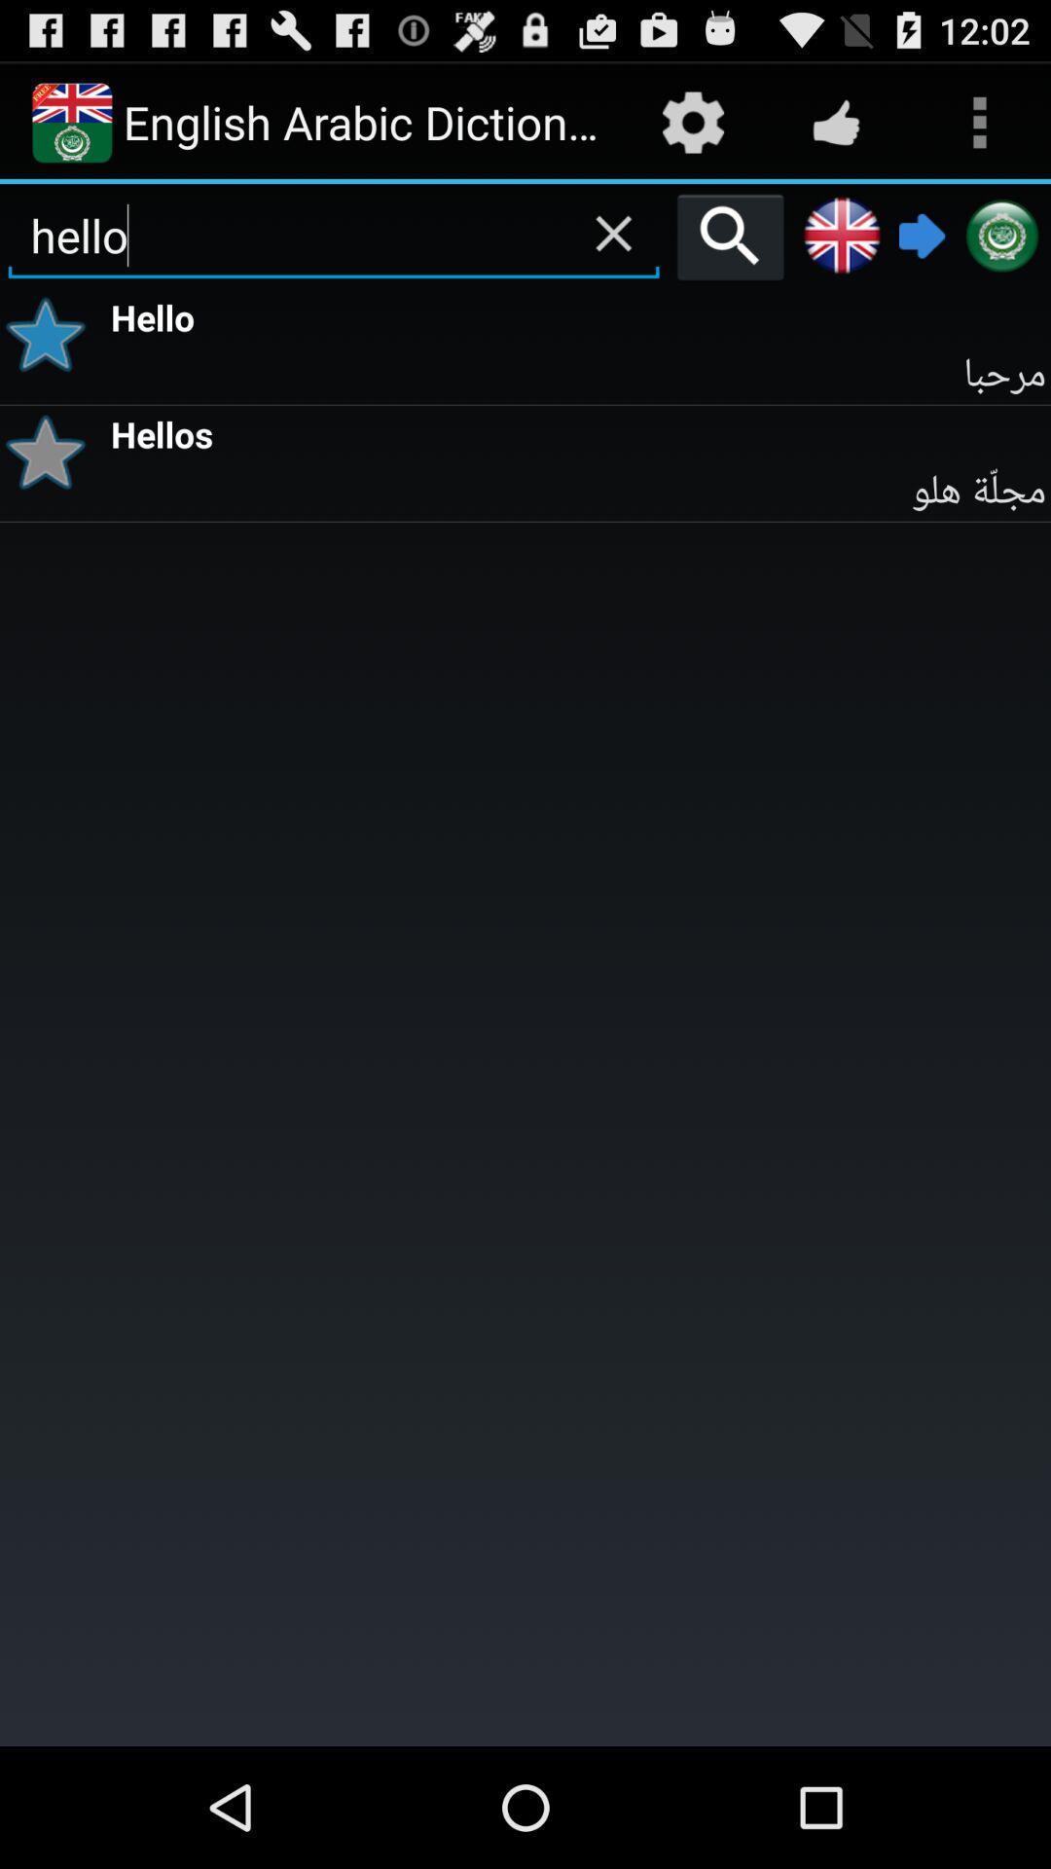 The height and width of the screenshot is (1869, 1051). What do you see at coordinates (52, 335) in the screenshot?
I see `icon to the left of hello item` at bounding box center [52, 335].